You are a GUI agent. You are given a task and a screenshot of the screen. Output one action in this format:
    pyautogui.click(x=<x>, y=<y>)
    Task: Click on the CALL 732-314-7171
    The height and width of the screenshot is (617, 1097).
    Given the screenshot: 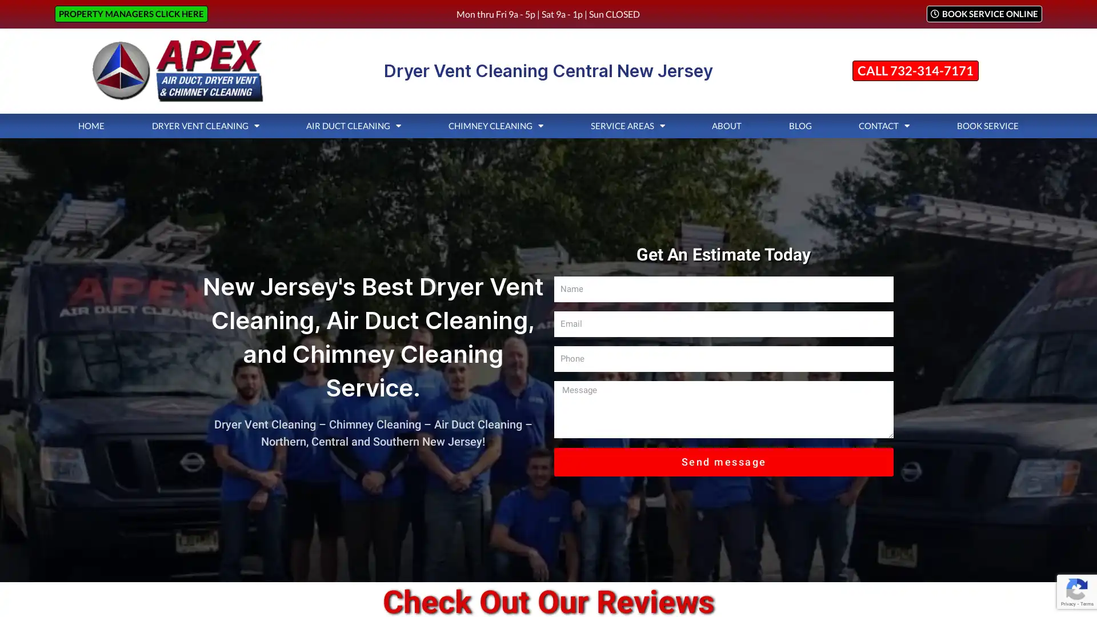 What is the action you would take?
    pyautogui.click(x=915, y=70)
    